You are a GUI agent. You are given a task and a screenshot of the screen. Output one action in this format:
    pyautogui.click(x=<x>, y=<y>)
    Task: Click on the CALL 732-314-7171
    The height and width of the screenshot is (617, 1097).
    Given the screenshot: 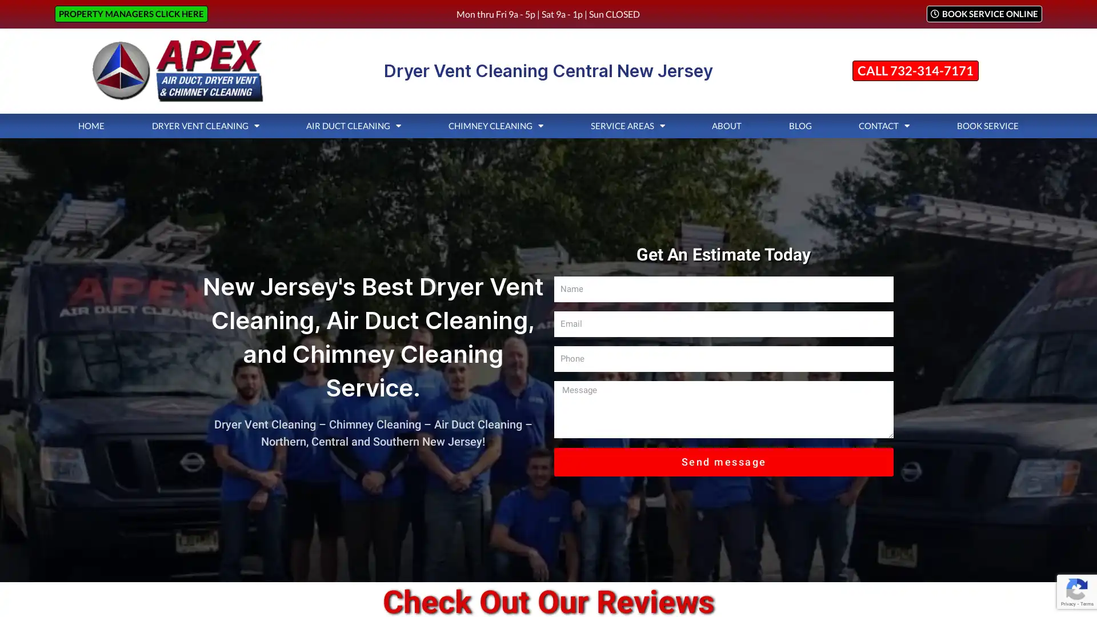 What is the action you would take?
    pyautogui.click(x=915, y=70)
    